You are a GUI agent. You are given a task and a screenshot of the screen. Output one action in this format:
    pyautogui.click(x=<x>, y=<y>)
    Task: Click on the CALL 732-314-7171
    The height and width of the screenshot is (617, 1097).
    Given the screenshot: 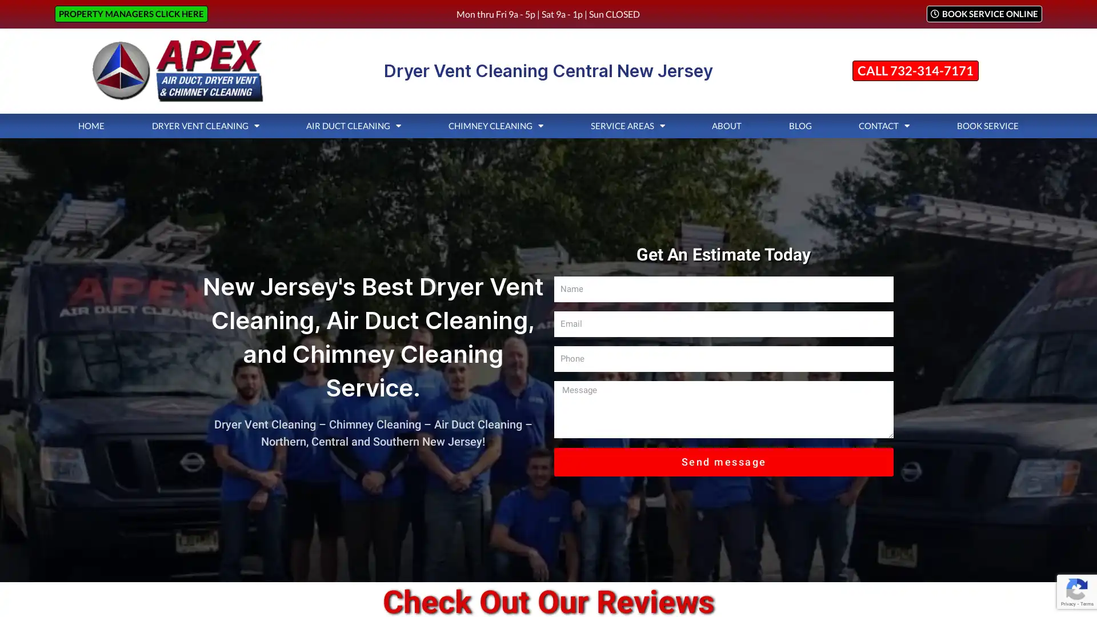 What is the action you would take?
    pyautogui.click(x=915, y=70)
    